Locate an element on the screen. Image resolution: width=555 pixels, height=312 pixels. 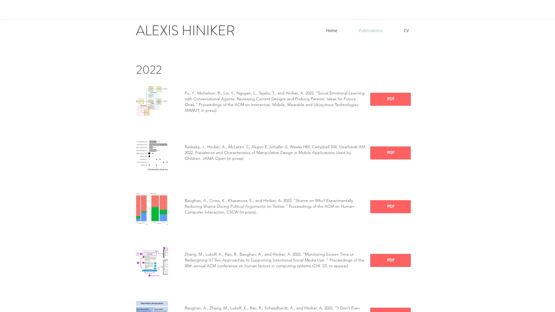
PDF is located at coordinates (390, 153).